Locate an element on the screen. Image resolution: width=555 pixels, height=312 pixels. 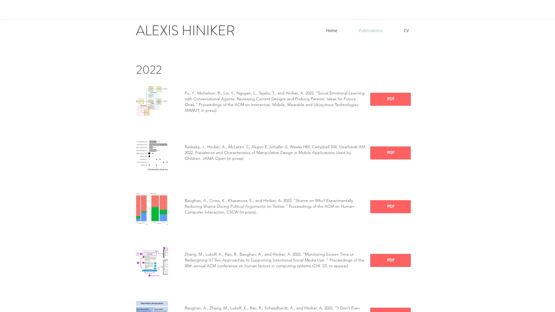
PDF is located at coordinates (390, 153).